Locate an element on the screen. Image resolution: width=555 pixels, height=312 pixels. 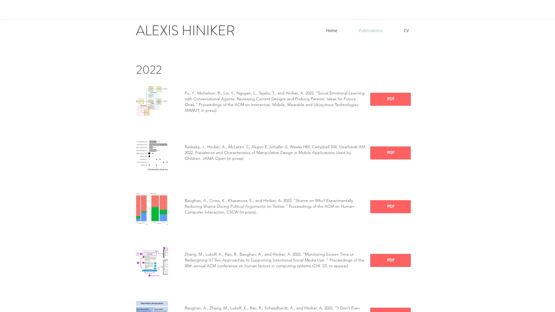
PDF is located at coordinates (390, 153).